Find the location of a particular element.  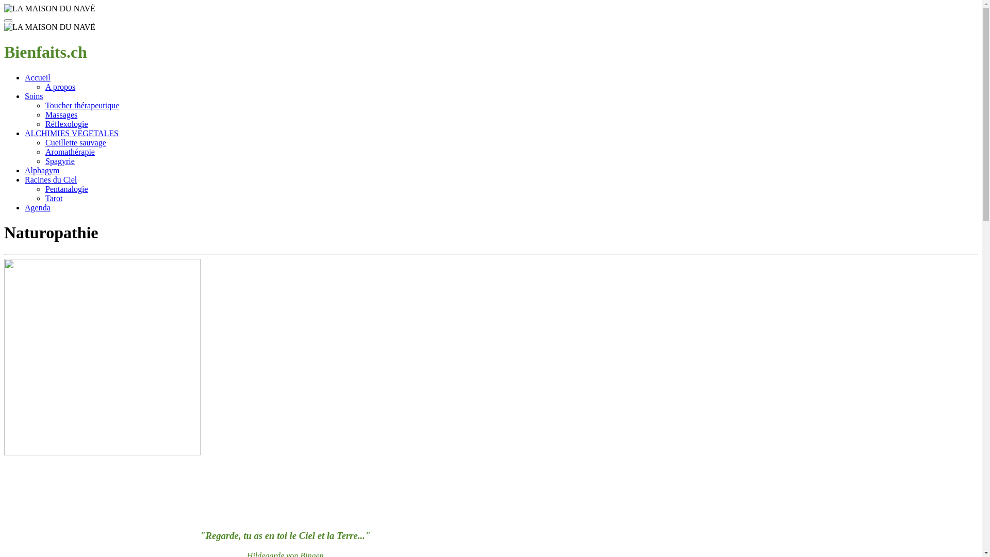

'Pentanalogie' is located at coordinates (66, 189).